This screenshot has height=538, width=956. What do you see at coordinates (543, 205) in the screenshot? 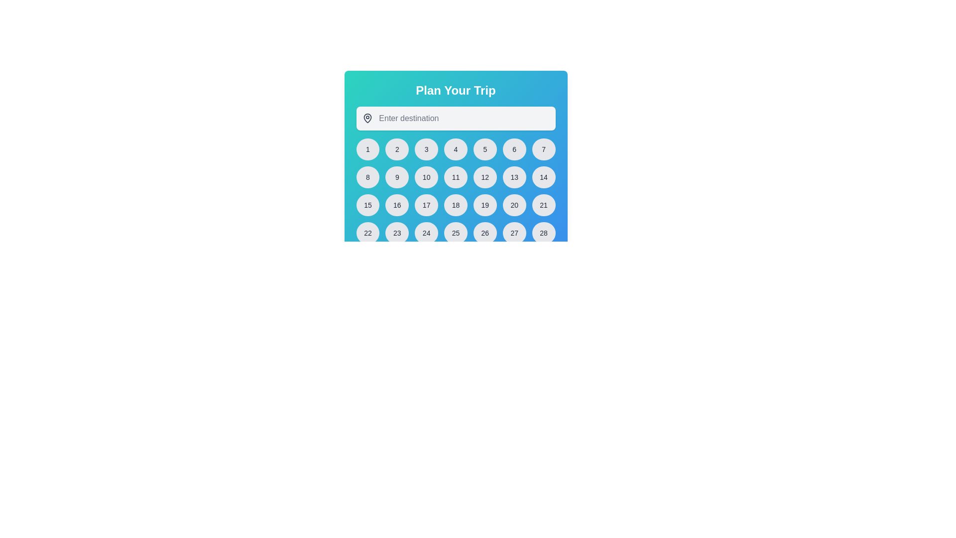
I see `the circular button labeled '21' with a light gray background` at bounding box center [543, 205].